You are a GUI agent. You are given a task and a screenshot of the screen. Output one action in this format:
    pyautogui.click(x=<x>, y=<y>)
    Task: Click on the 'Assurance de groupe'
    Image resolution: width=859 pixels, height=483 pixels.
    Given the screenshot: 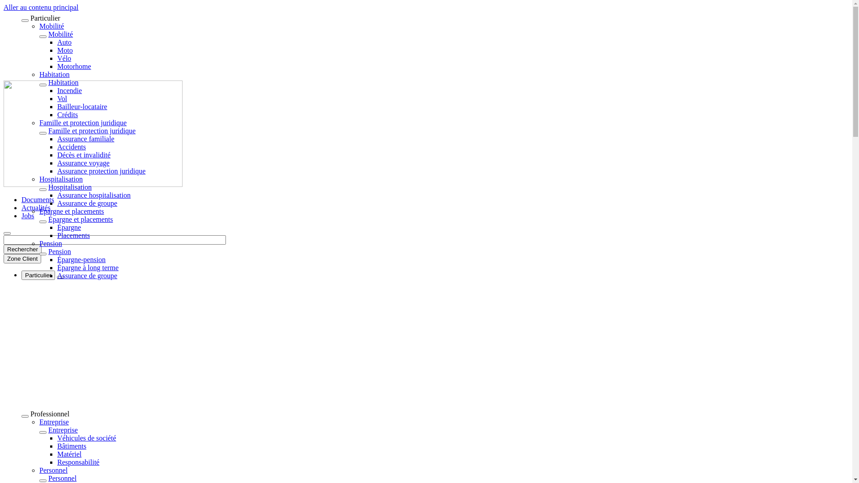 What is the action you would take?
    pyautogui.click(x=57, y=275)
    